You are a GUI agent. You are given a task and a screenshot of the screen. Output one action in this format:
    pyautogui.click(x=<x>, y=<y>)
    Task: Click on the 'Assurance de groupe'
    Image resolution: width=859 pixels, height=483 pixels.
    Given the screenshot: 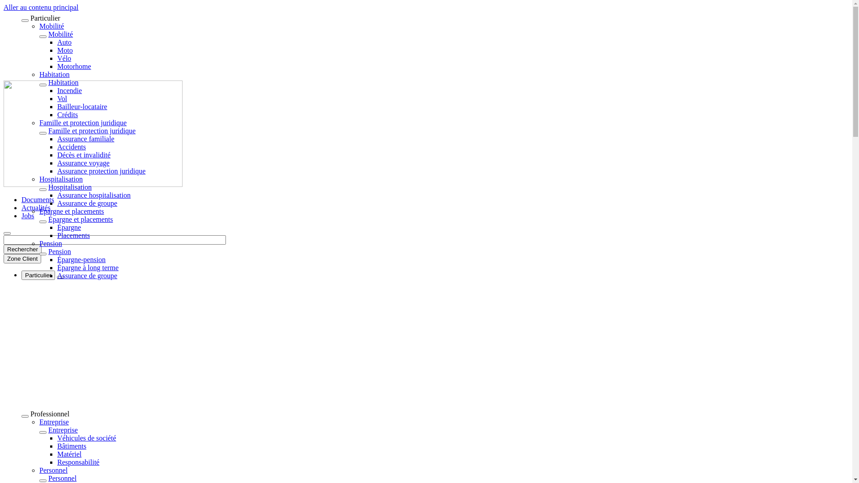 What is the action you would take?
    pyautogui.click(x=57, y=275)
    